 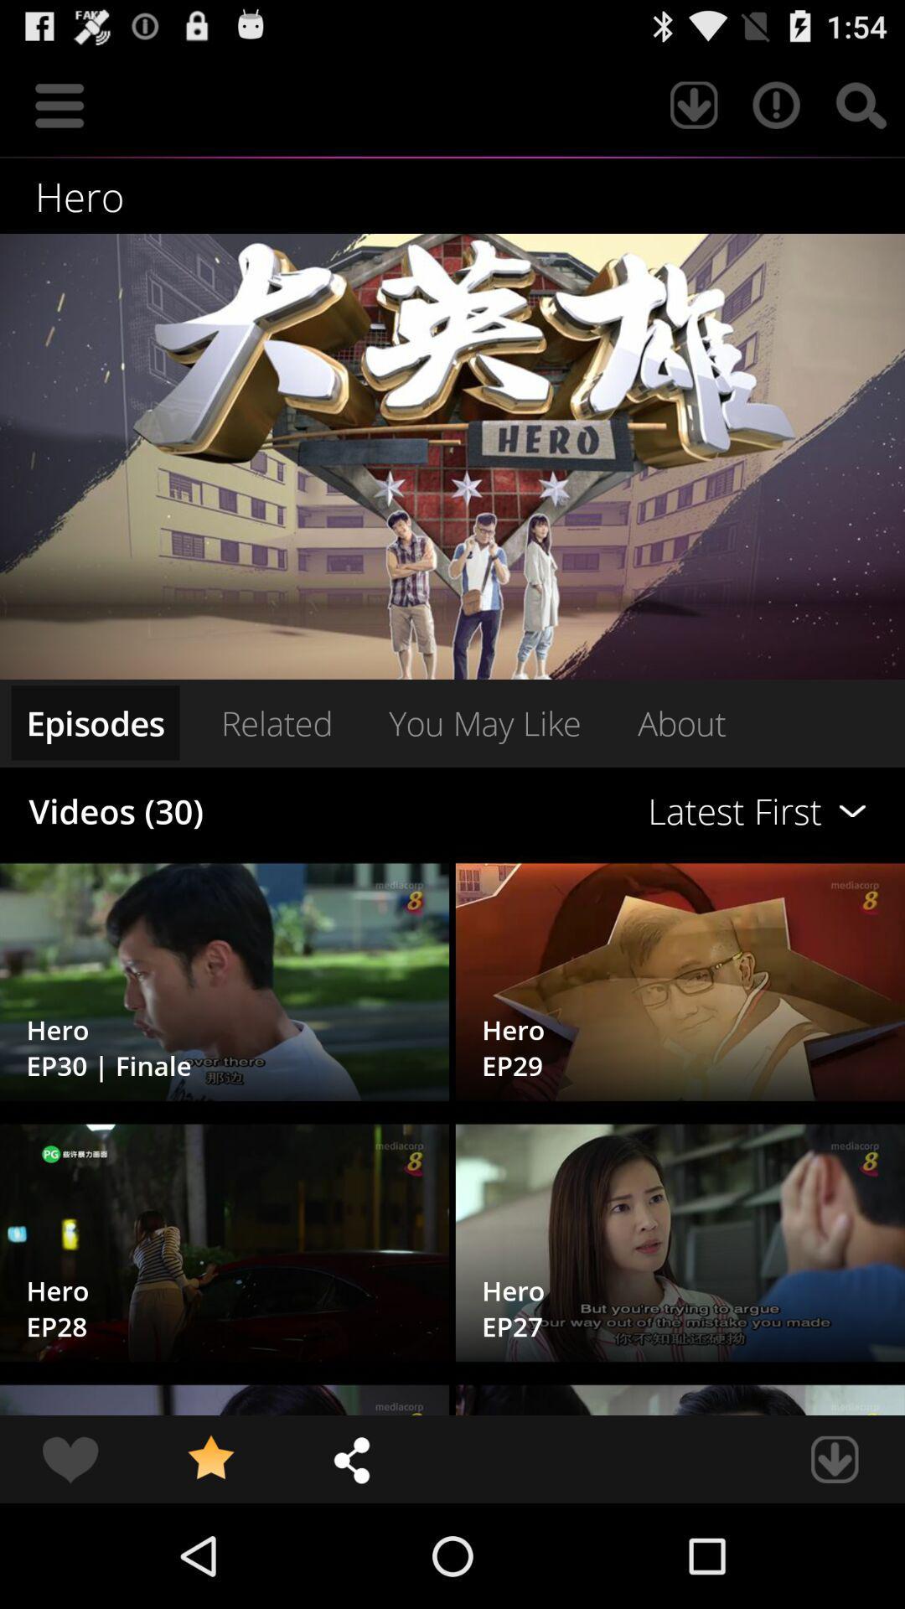 I want to click on the icon above hero item, so click(x=59, y=104).